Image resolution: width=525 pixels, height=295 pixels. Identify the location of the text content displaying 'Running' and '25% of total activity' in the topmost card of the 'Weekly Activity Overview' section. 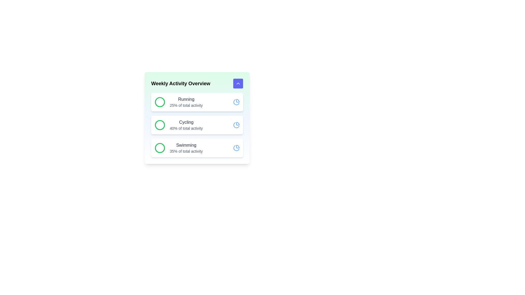
(186, 102).